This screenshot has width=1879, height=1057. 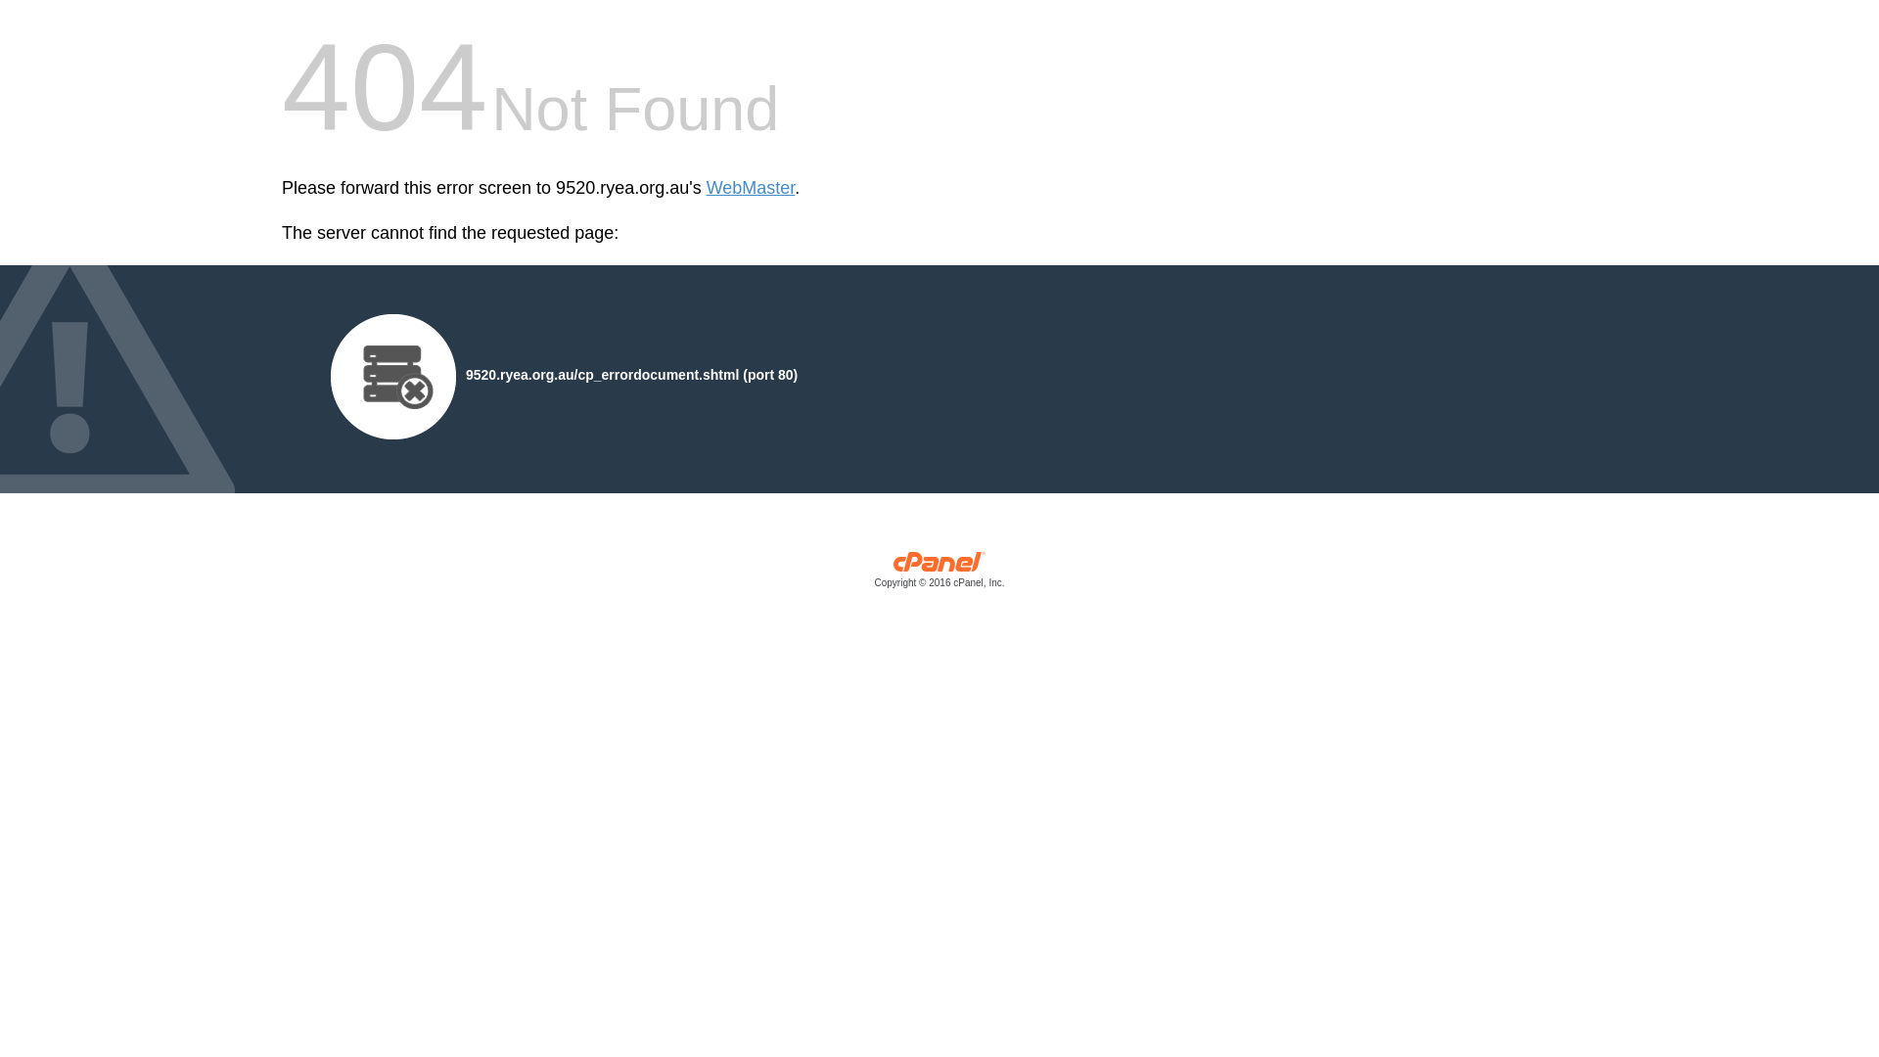 What do you see at coordinates (750, 188) in the screenshot?
I see `'WebMaster'` at bounding box center [750, 188].